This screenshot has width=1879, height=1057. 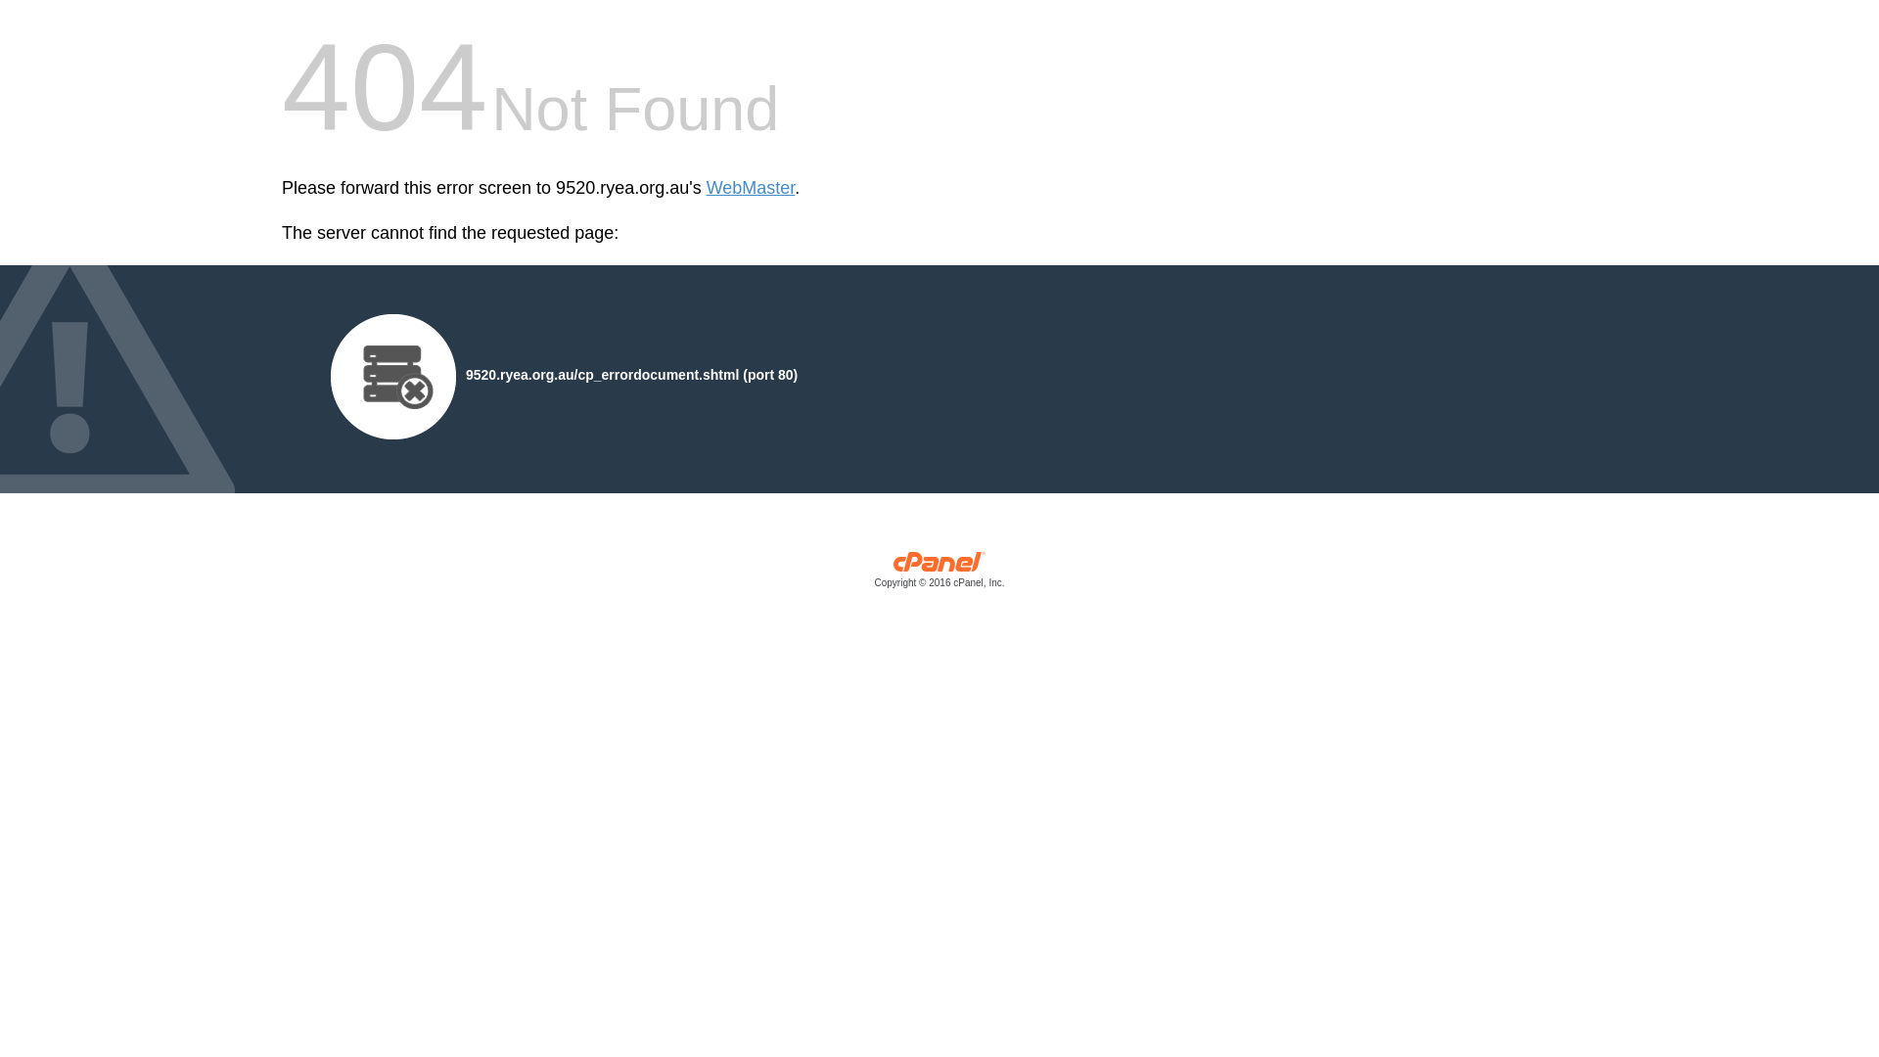 What do you see at coordinates (750, 188) in the screenshot?
I see `'WebMaster'` at bounding box center [750, 188].